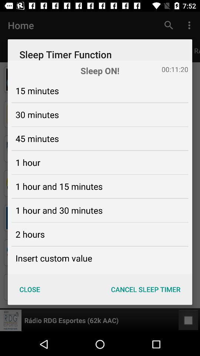  I want to click on icon next to cancel sleep timer, so click(29, 289).